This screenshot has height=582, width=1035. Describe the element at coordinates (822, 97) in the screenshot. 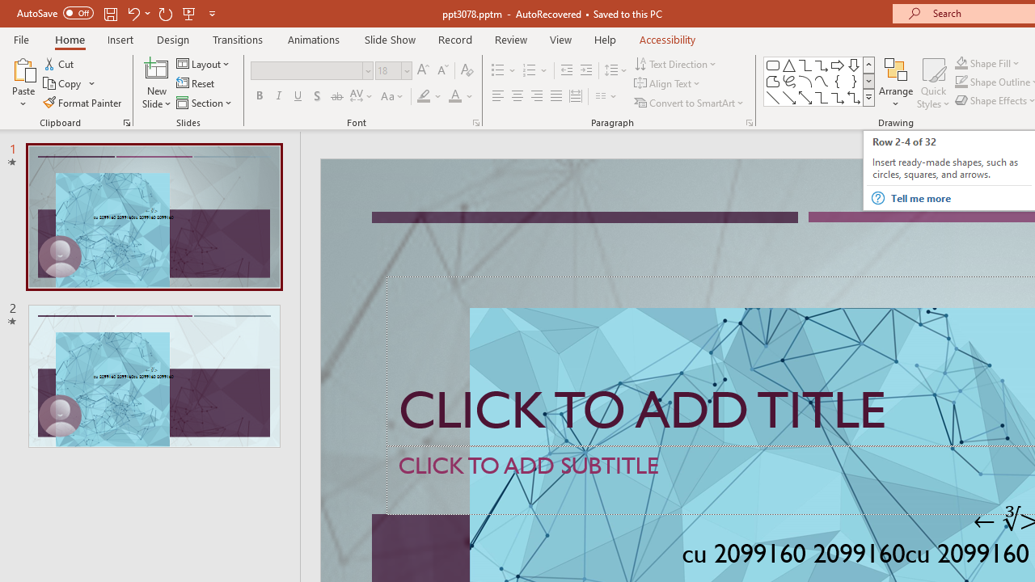

I see `'Connector: Elbow'` at that location.